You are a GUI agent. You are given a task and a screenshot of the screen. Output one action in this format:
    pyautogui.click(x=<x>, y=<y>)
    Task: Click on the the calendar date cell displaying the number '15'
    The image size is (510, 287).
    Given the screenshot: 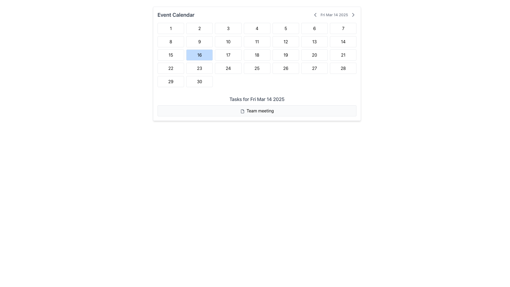 What is the action you would take?
    pyautogui.click(x=171, y=55)
    